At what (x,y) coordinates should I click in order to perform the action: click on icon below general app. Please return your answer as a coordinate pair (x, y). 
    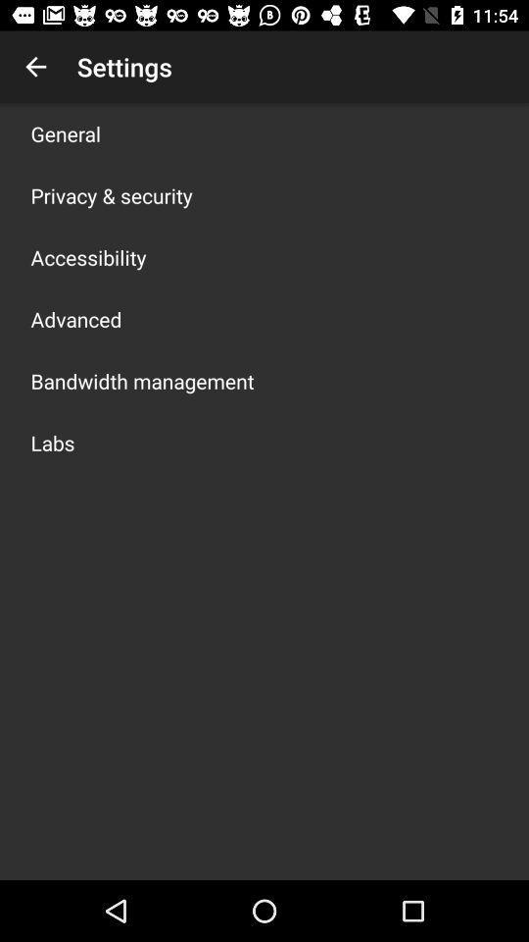
    Looking at the image, I should click on (112, 195).